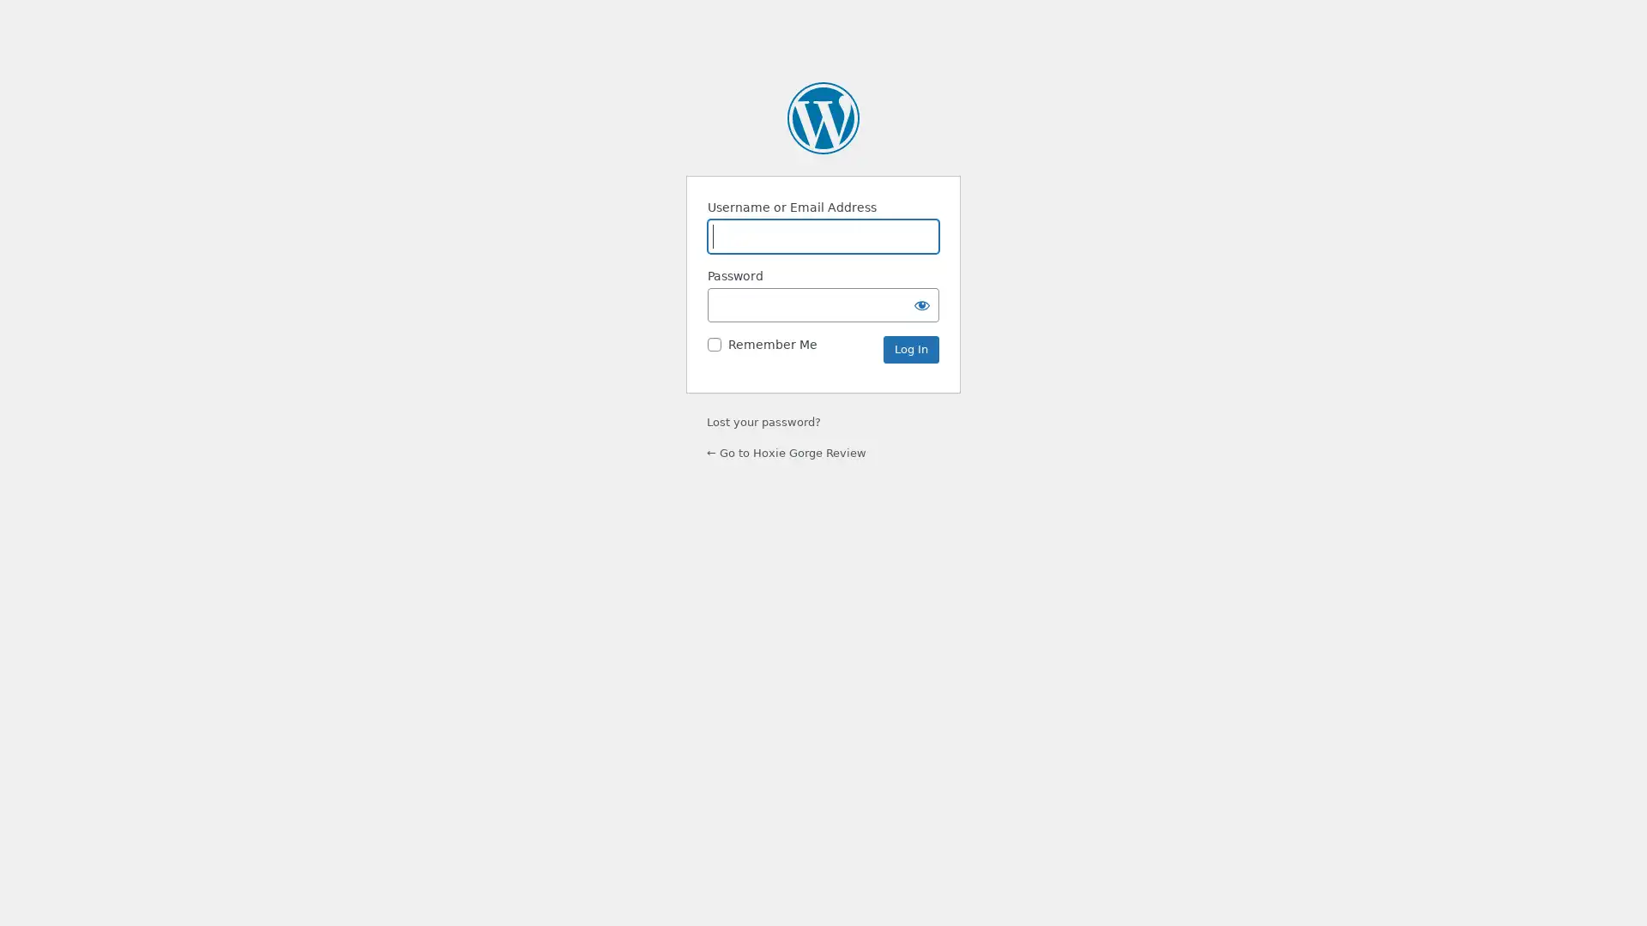 The height and width of the screenshot is (926, 1647). What do you see at coordinates (921, 304) in the screenshot?
I see `Show password` at bounding box center [921, 304].